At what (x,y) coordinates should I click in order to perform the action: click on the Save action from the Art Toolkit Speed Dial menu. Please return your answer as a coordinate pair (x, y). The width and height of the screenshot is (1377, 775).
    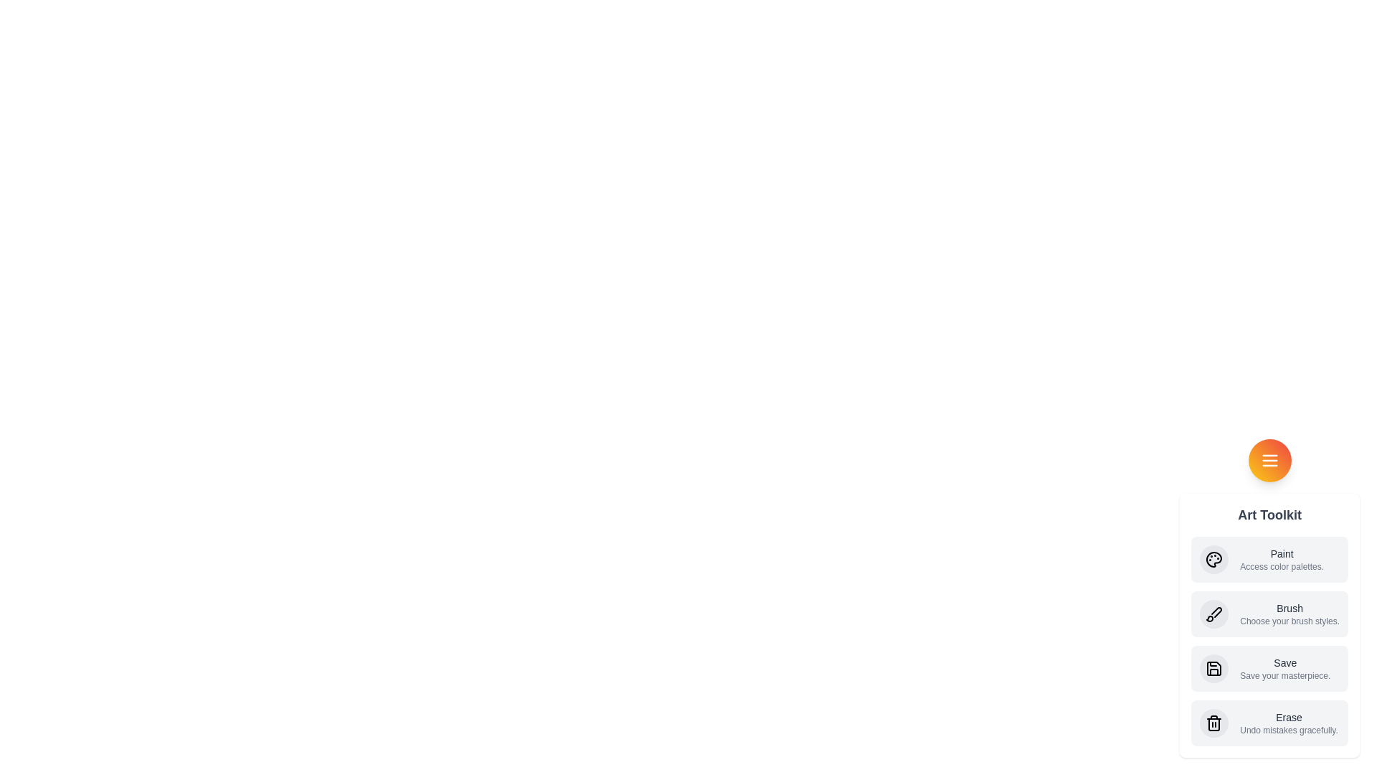
    Looking at the image, I should click on (1269, 669).